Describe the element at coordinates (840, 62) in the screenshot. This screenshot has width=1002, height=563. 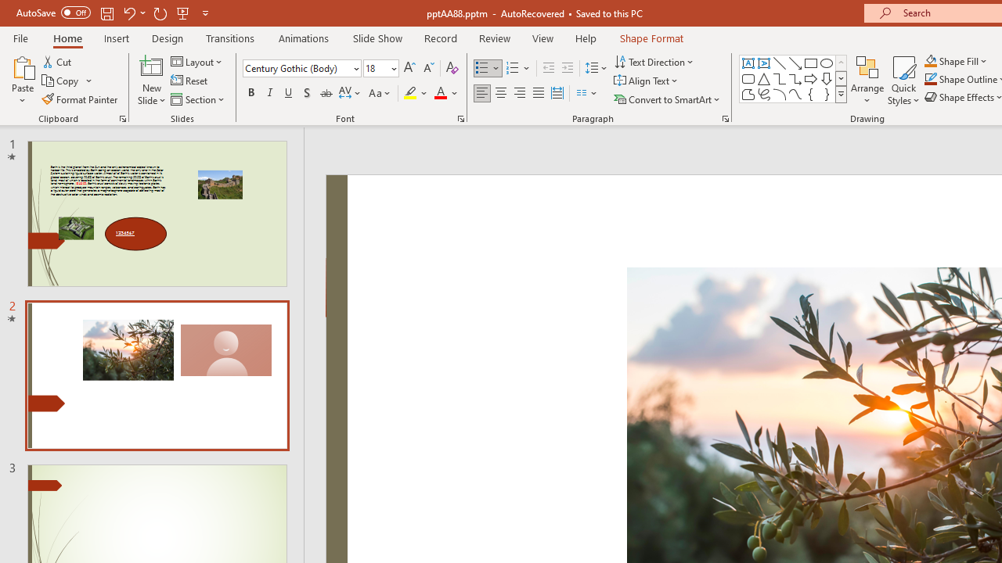
I see `'Row up'` at that location.